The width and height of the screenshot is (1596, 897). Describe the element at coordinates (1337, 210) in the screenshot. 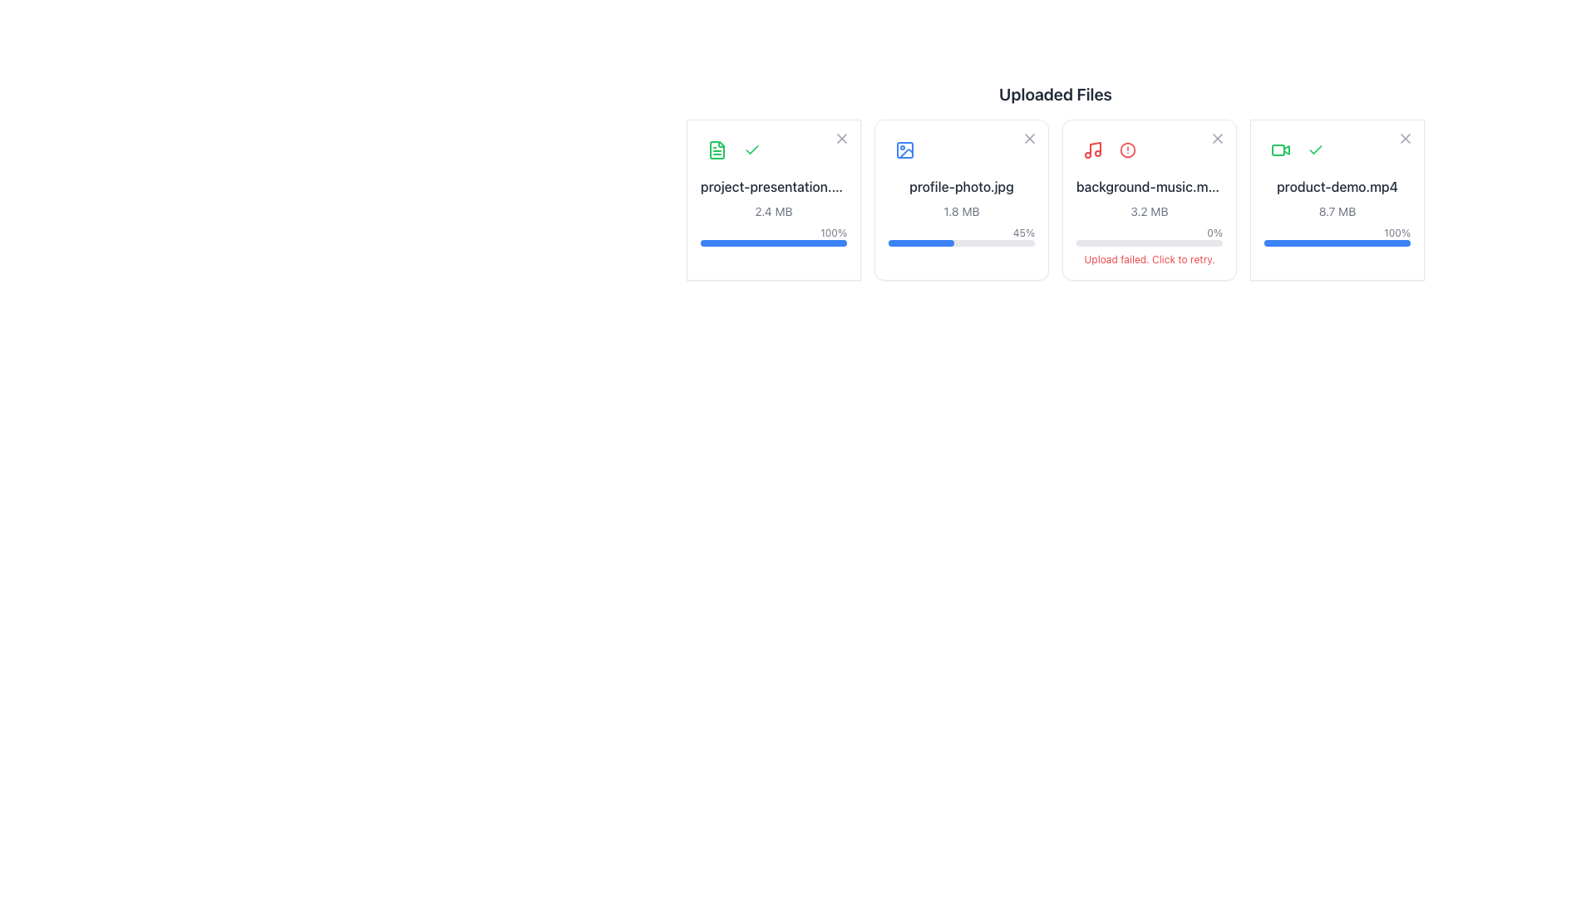

I see `size information from the text label displaying '8.7 MB', which is located below the filename 'product-demo.mp4' and above the progress bar in the rightmost file card of the 'Uploaded Files' section` at that location.